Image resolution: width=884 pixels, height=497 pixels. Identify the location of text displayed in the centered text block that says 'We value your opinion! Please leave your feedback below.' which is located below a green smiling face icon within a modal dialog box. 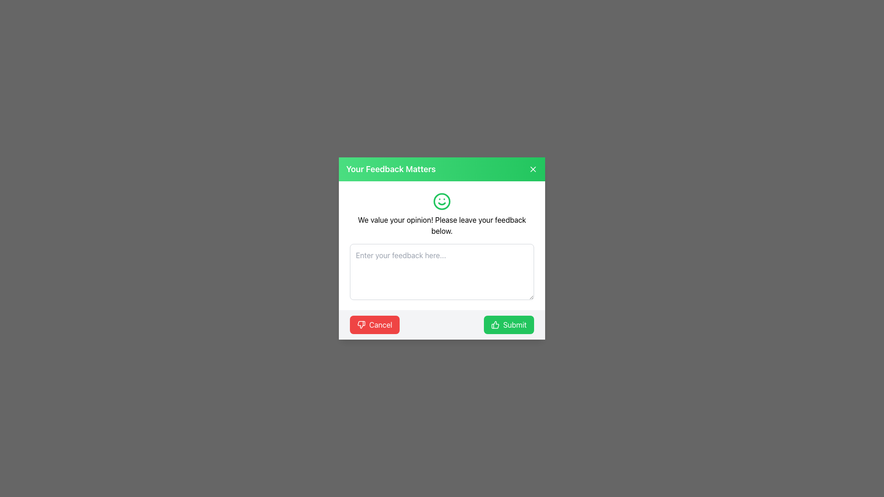
(442, 214).